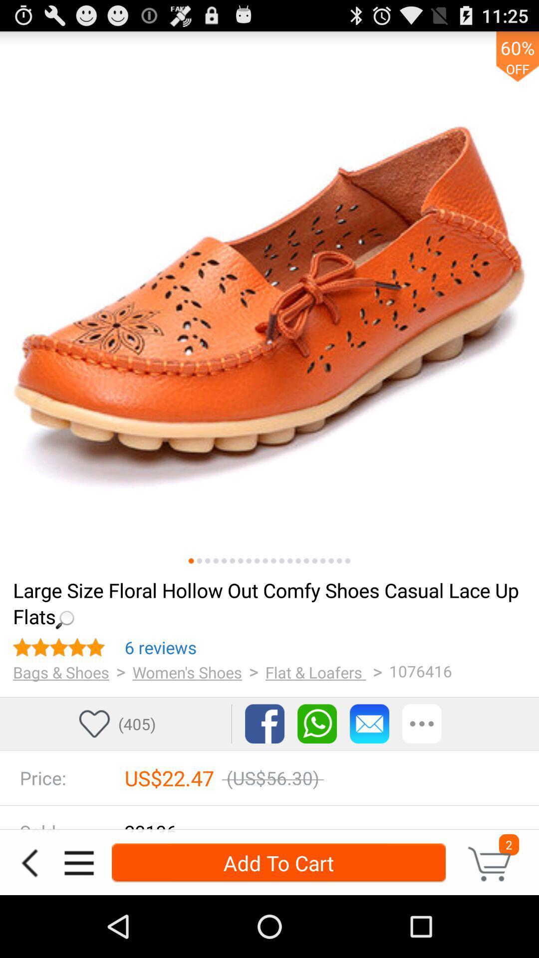  Describe the element at coordinates (224, 561) in the screenshot. I see `image 5` at that location.